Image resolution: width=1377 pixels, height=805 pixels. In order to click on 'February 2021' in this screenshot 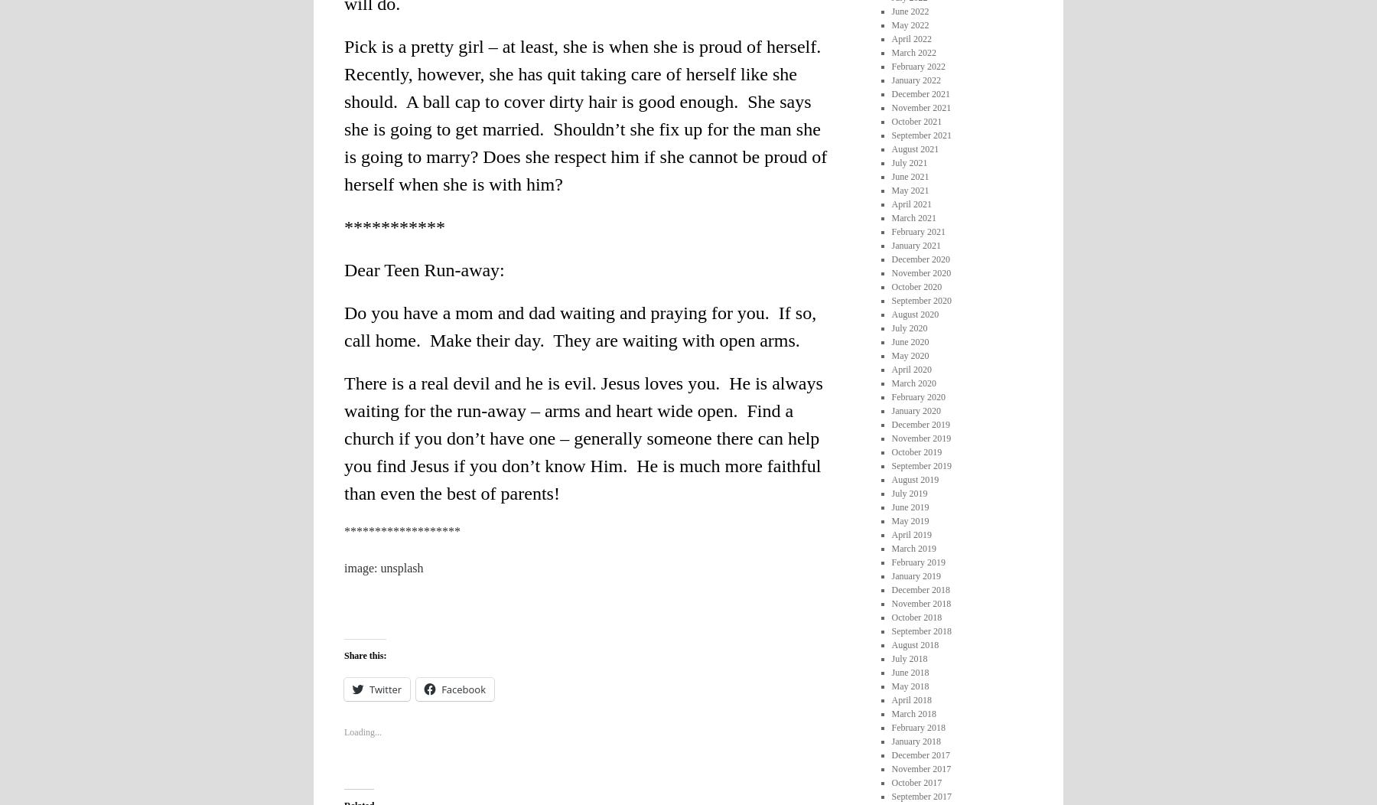, I will do `click(917, 231)`.